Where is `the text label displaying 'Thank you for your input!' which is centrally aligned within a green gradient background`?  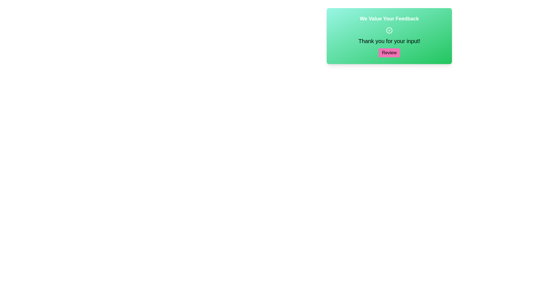 the text label displaying 'Thank you for your input!' which is centrally aligned within a green gradient background is located at coordinates (389, 41).